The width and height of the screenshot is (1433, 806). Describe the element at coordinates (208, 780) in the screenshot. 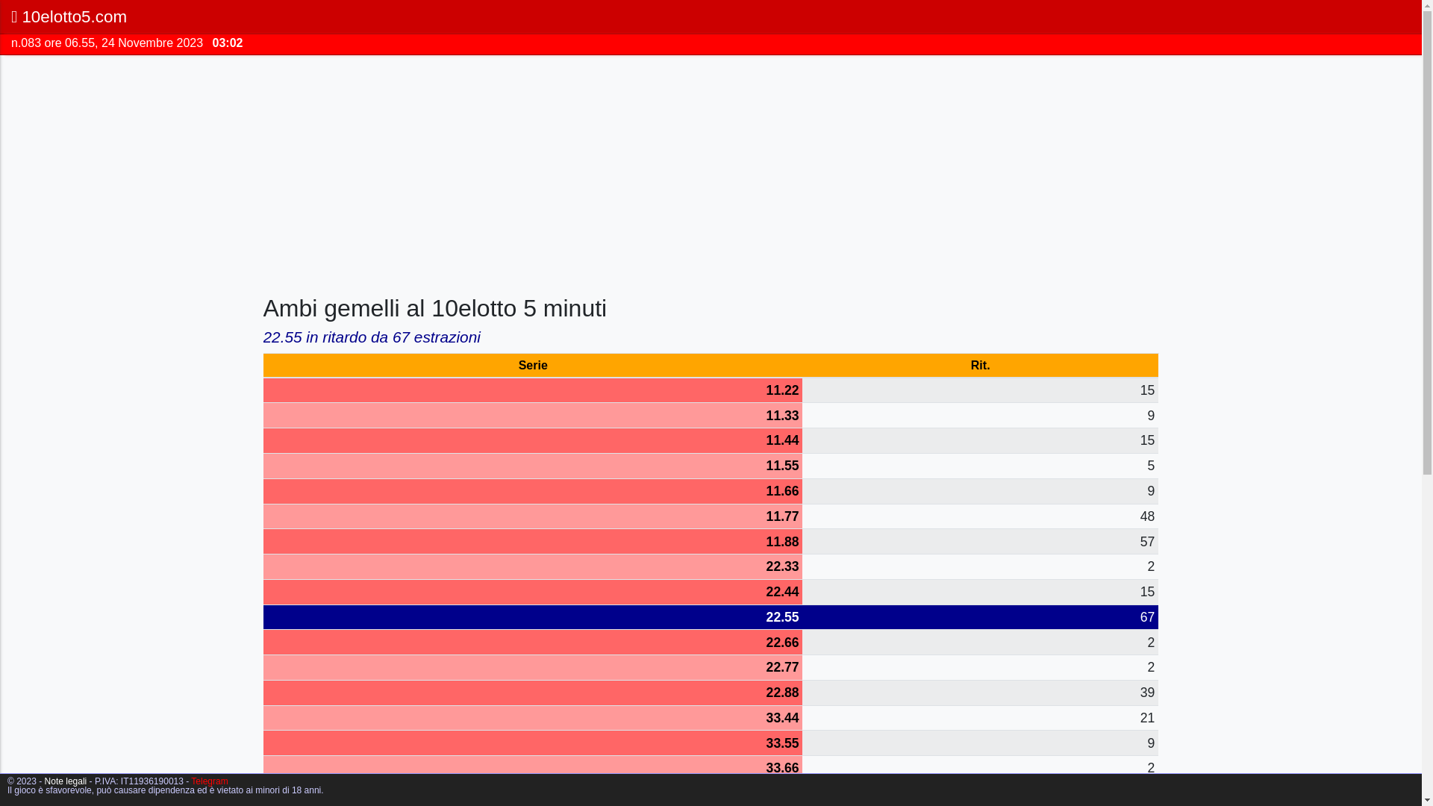

I see `'Telegram'` at that location.